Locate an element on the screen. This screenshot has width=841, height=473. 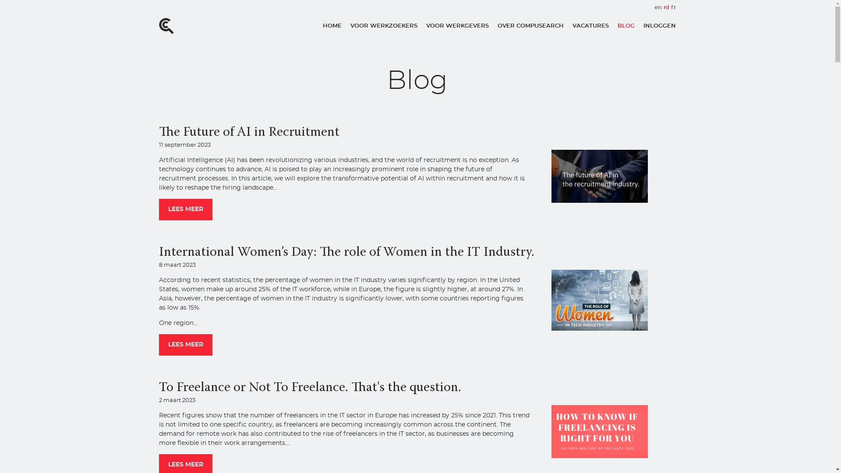
'VOOR WERKGEVERS' is located at coordinates (425, 25).